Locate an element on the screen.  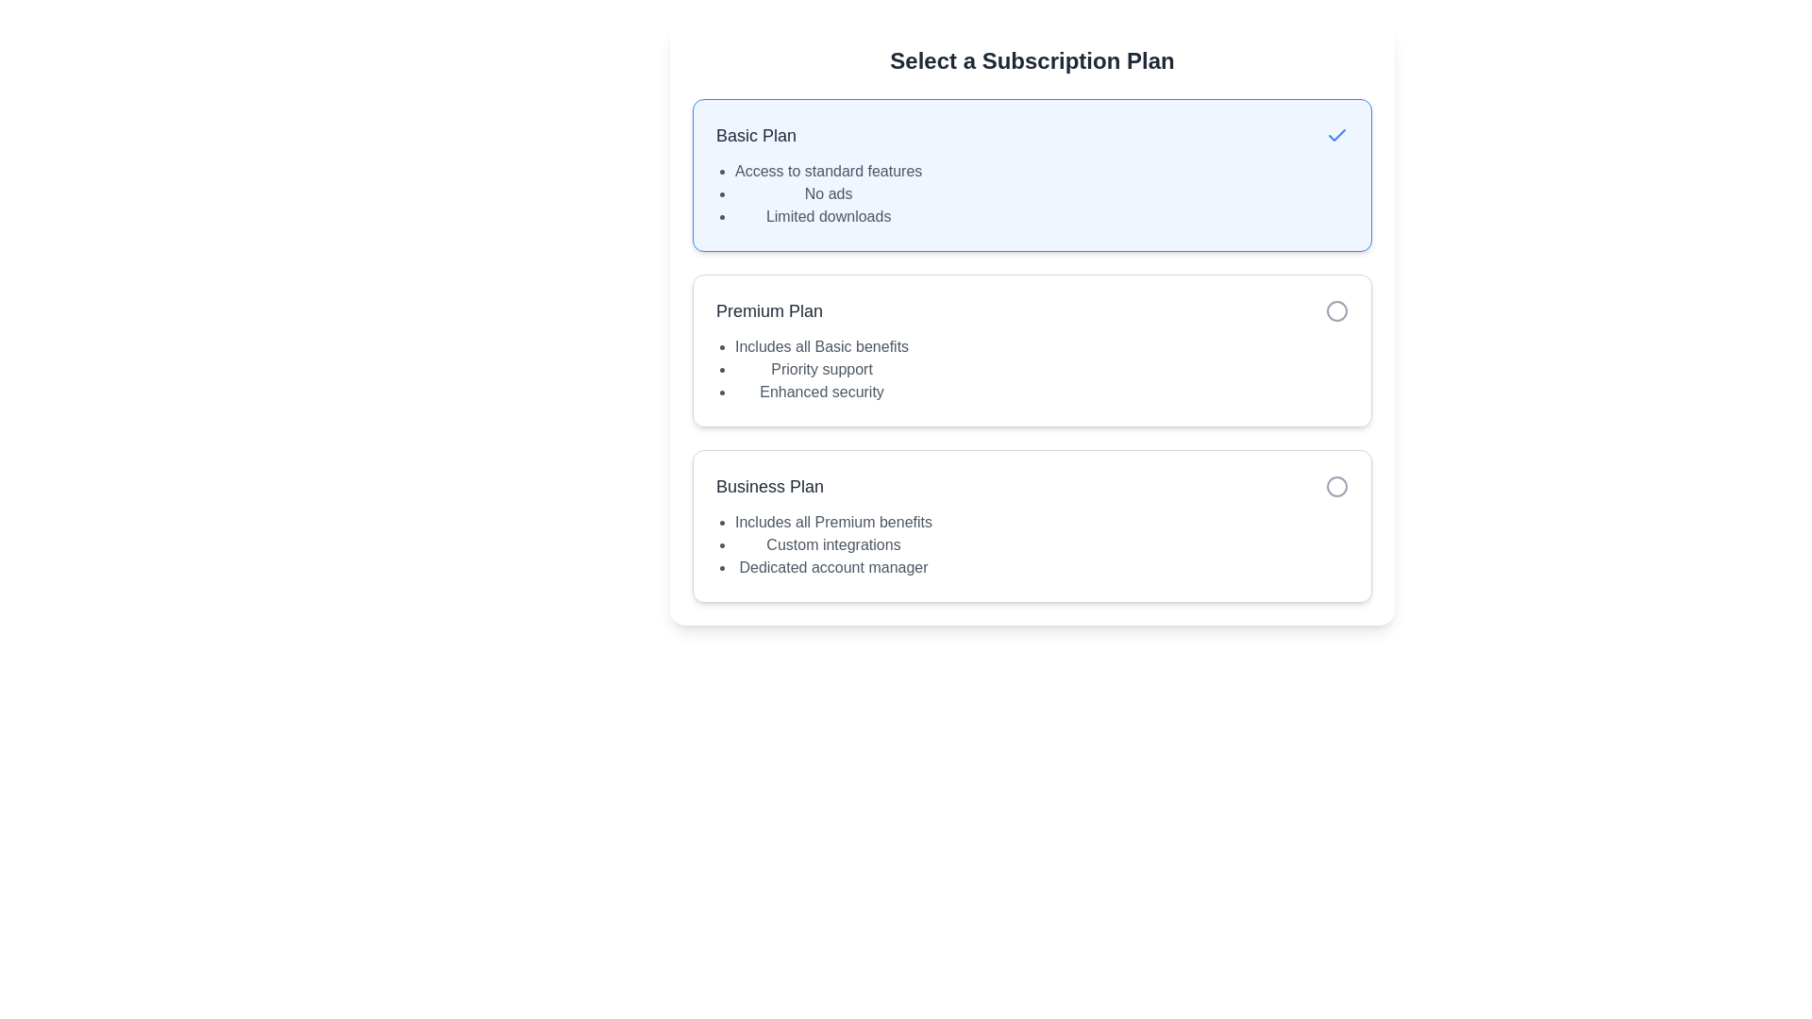
the descriptive static text label that indicates an additional benefit of the Premium Plan, located between the 'Priority support' text and the boundary separating the 'Premium Plan' and 'Business Plan' sections is located at coordinates (822, 392).